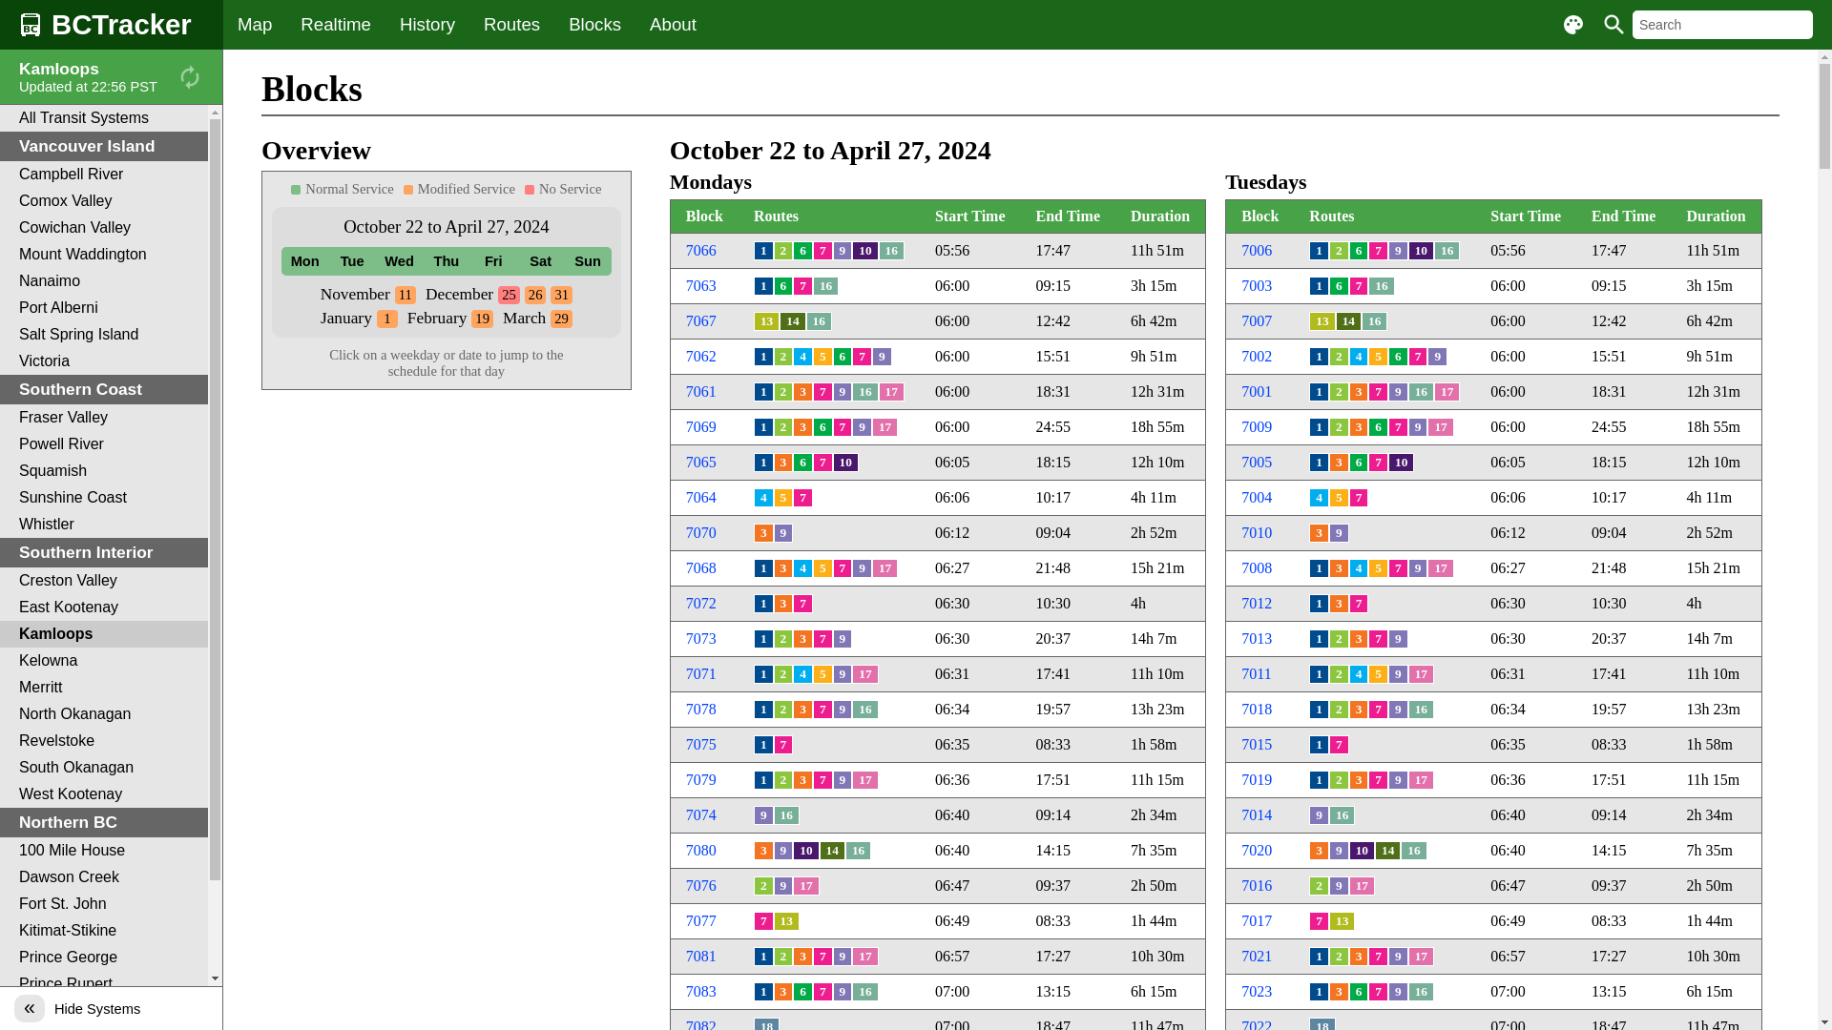 This screenshot has width=1832, height=1030. I want to click on '2', so click(783, 391).